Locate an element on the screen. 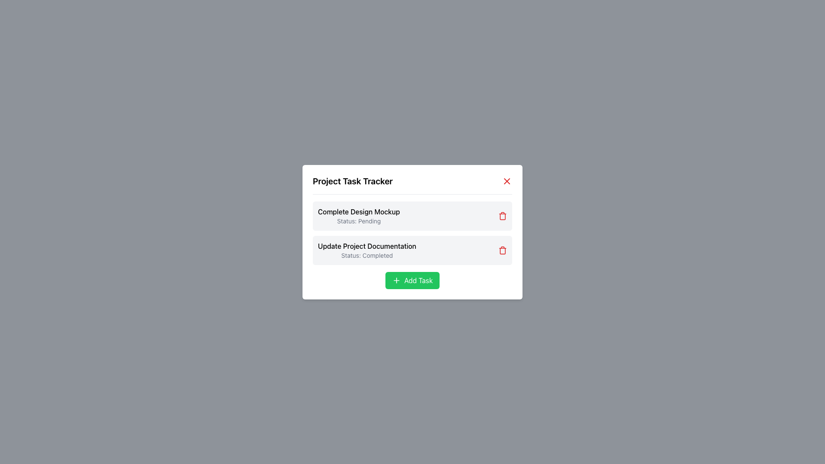  text element that displays 'Update Project Documentation', which is prominently styled and located above the 'Completed' status in the second task card is located at coordinates (367, 246).